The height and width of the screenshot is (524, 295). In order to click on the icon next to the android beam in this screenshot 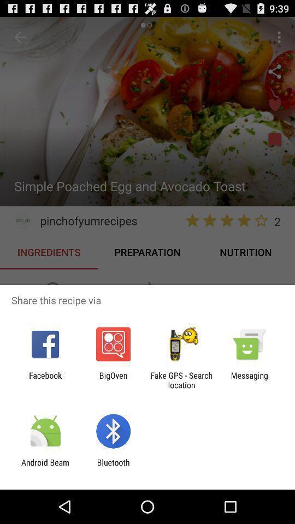, I will do `click(113, 467)`.